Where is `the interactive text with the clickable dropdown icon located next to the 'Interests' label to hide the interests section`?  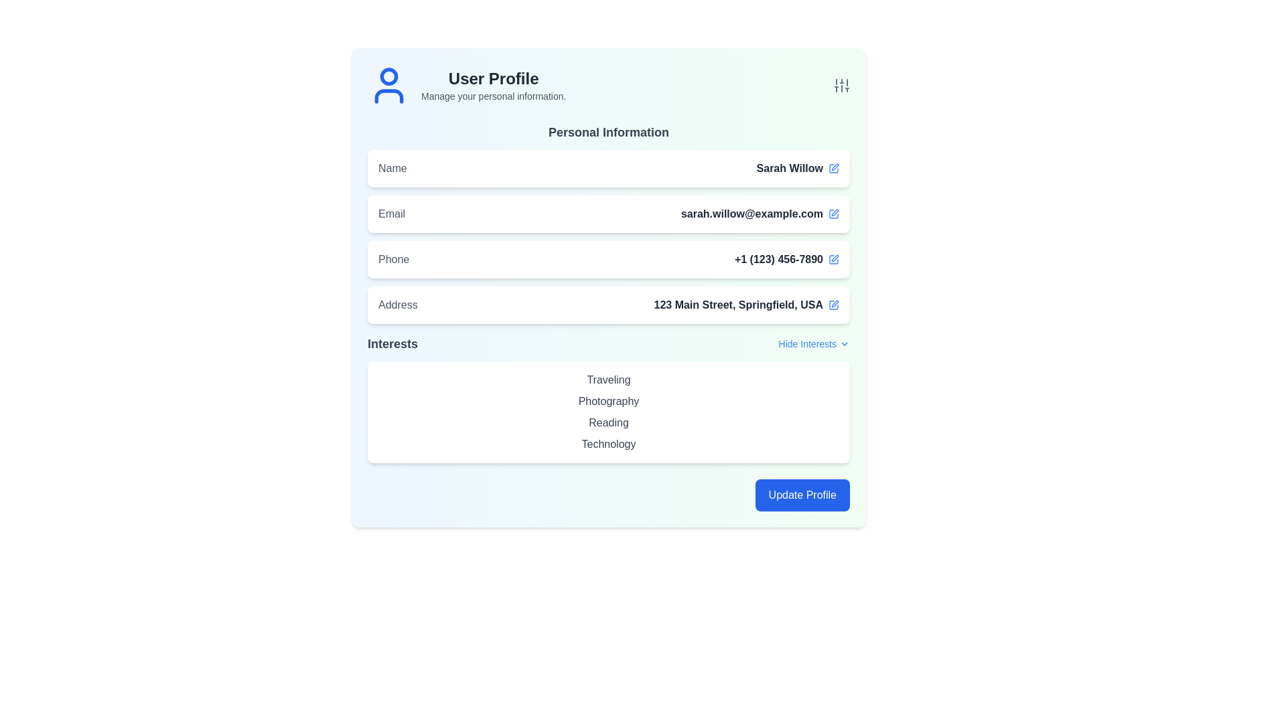 the interactive text with the clickable dropdown icon located next to the 'Interests' label to hide the interests section is located at coordinates (813, 343).